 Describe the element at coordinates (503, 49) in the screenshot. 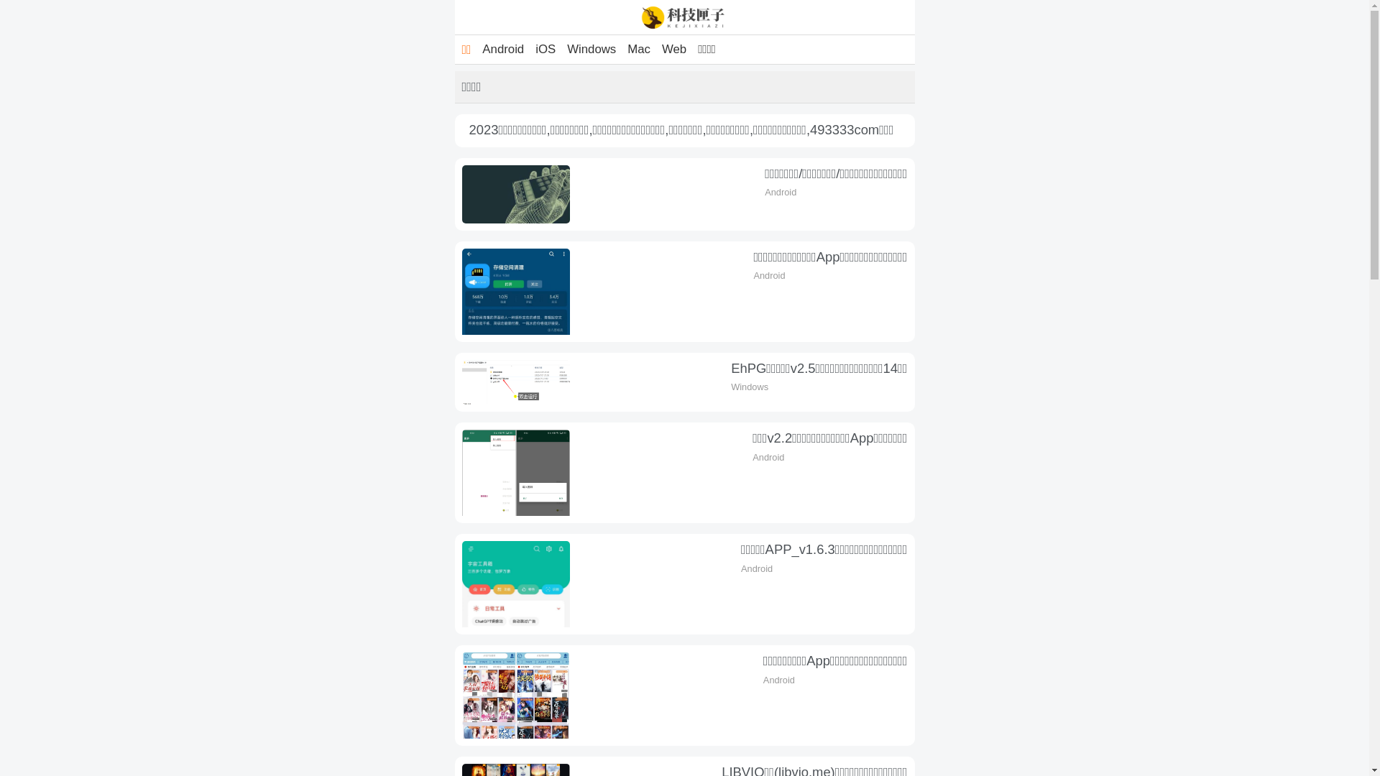

I see `'Android'` at that location.